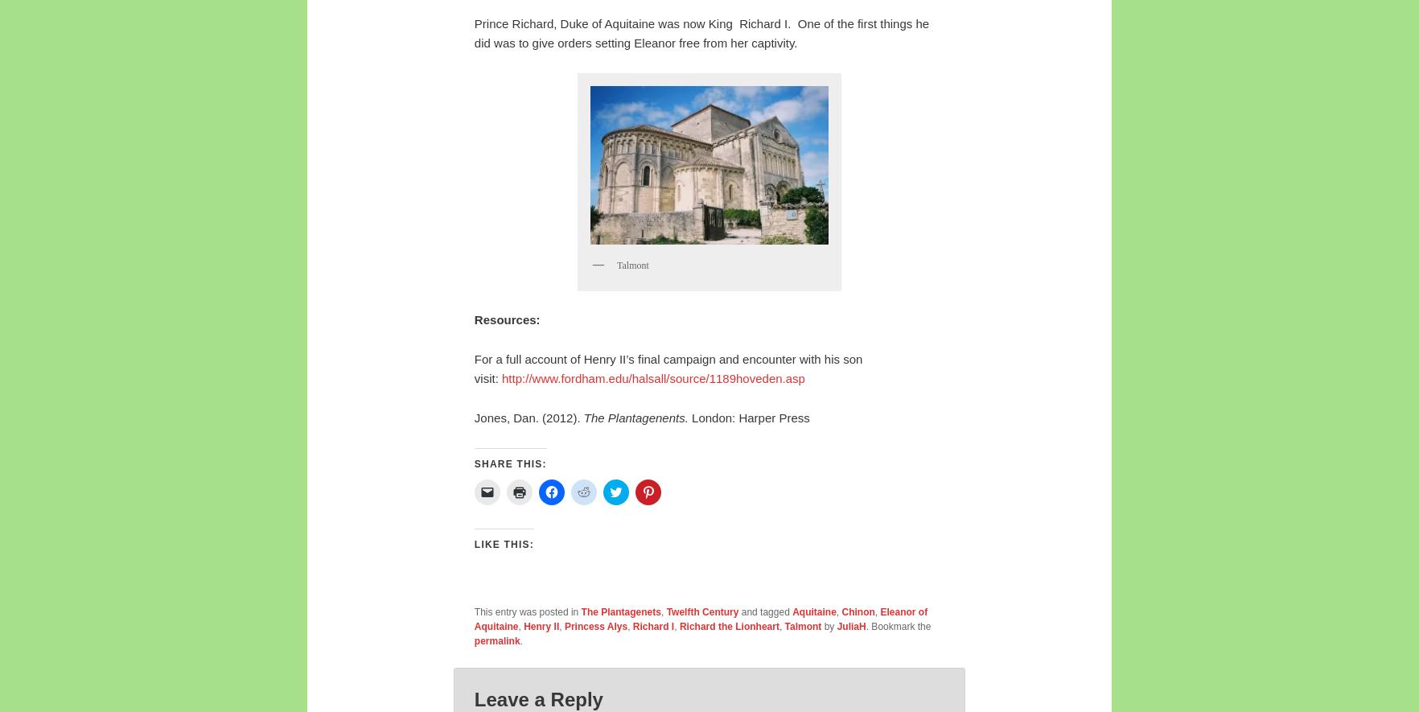 This screenshot has width=1419, height=712. I want to click on 'permalink', so click(496, 639).